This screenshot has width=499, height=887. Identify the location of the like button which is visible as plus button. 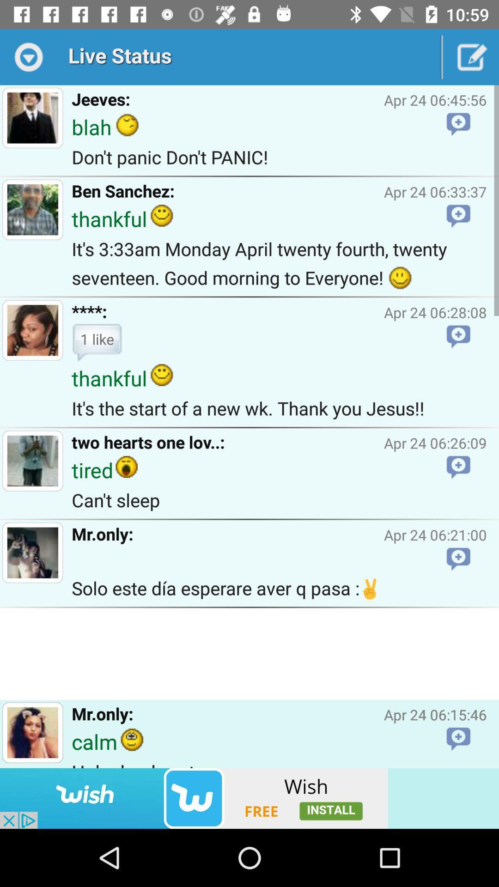
(458, 336).